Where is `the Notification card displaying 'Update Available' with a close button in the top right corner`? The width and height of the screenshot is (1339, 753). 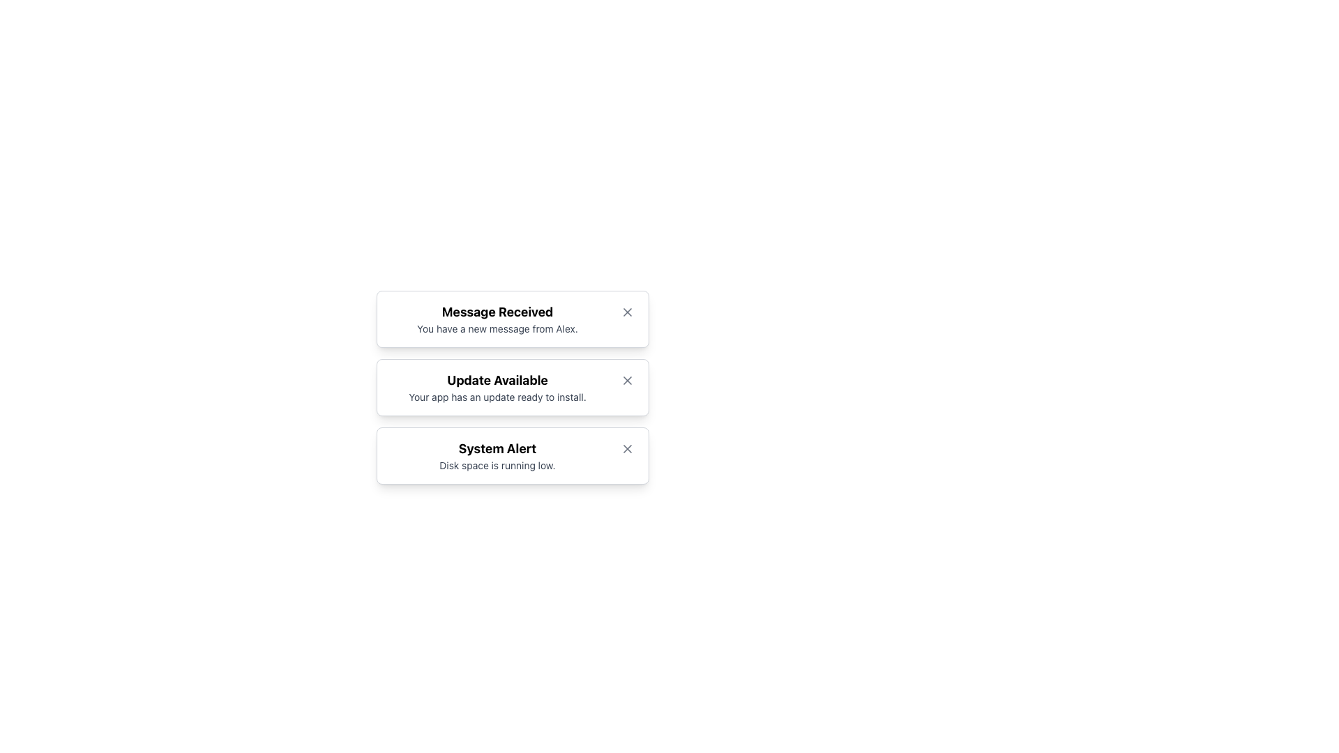 the Notification card displaying 'Update Available' with a close button in the top right corner is located at coordinates (512, 387).